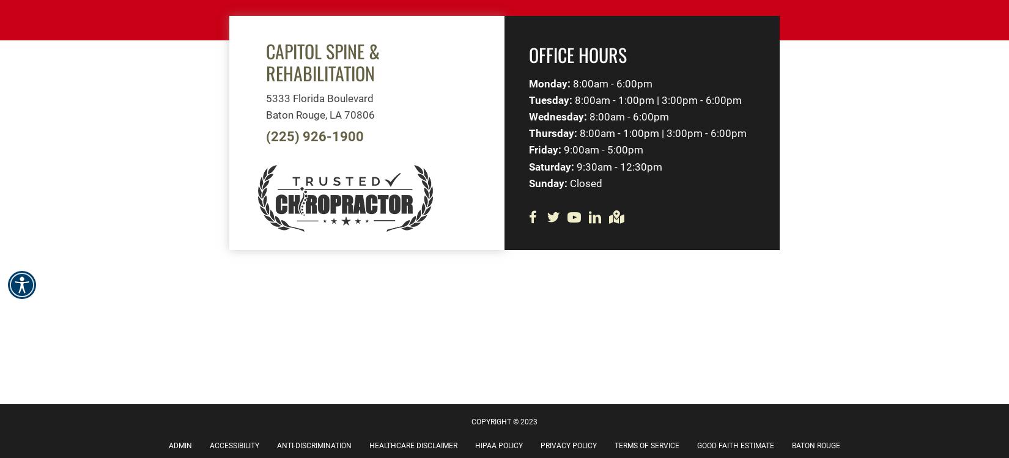 This screenshot has height=458, width=1009. What do you see at coordinates (552, 166) in the screenshot?
I see `'Saturday:'` at bounding box center [552, 166].